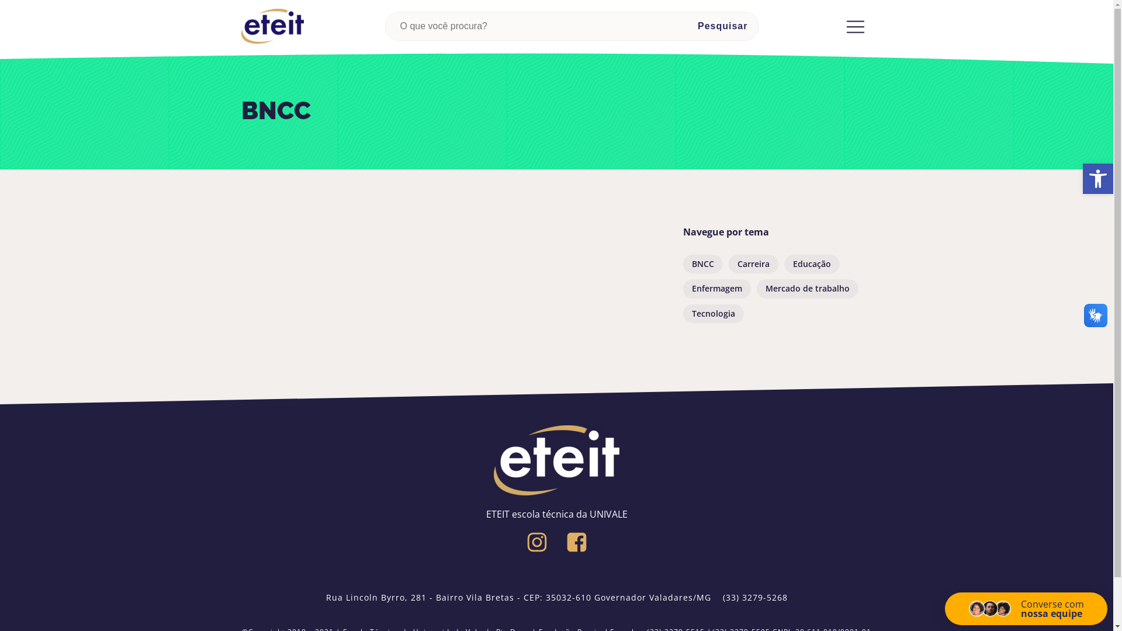  What do you see at coordinates (701, 264) in the screenshot?
I see `'BNCC'` at bounding box center [701, 264].